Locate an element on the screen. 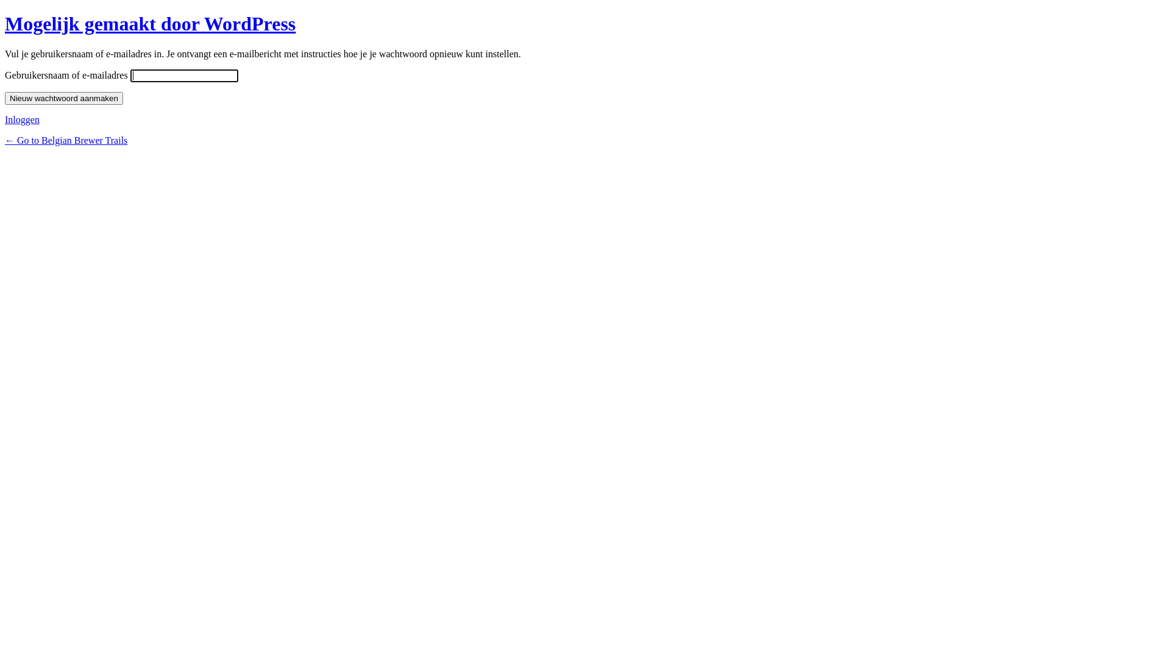  'Inloggen' is located at coordinates (5, 119).